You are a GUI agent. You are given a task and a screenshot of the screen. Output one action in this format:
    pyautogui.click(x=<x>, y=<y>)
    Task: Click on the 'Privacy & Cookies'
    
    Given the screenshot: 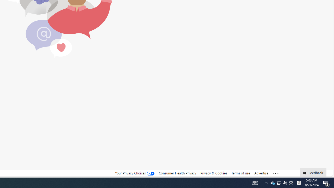 What is the action you would take?
    pyautogui.click(x=213, y=173)
    